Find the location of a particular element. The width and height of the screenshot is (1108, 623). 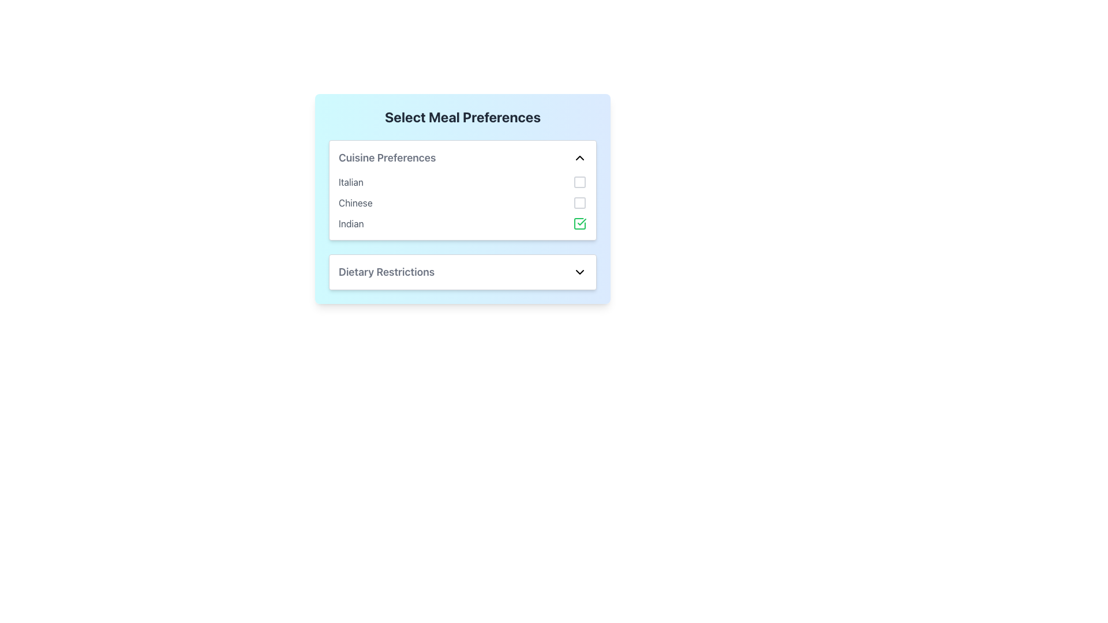

the 'Italian' text label in the cuisine preferences dropdown menu, which is the first selectable option in the list is located at coordinates (350, 182).